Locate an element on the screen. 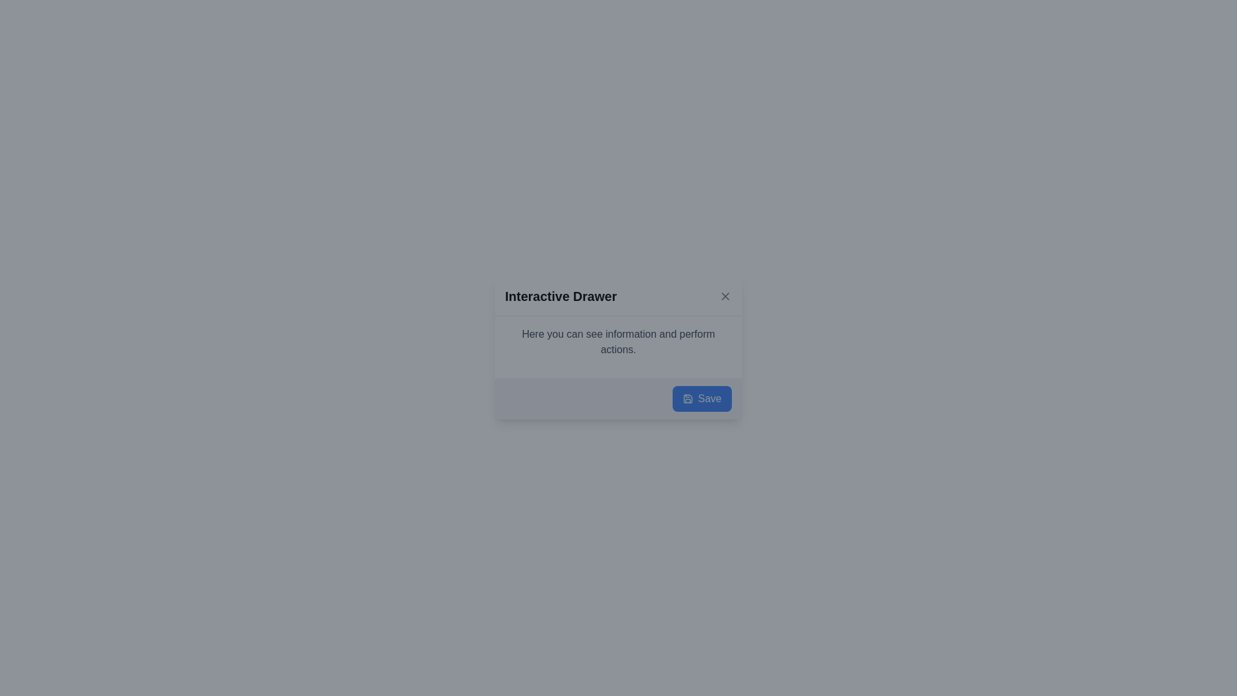  the 'Save' button represented by the icon located in the bottom-right region of the 'Interactive Drawer' dialog box is located at coordinates (687, 398).